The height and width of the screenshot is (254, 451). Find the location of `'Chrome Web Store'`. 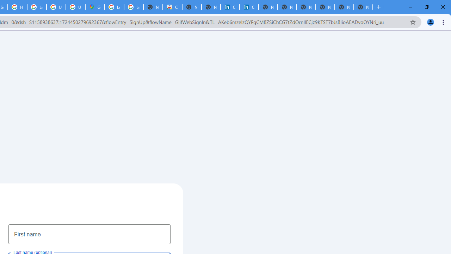

'Chrome Web Store' is located at coordinates (172, 7).